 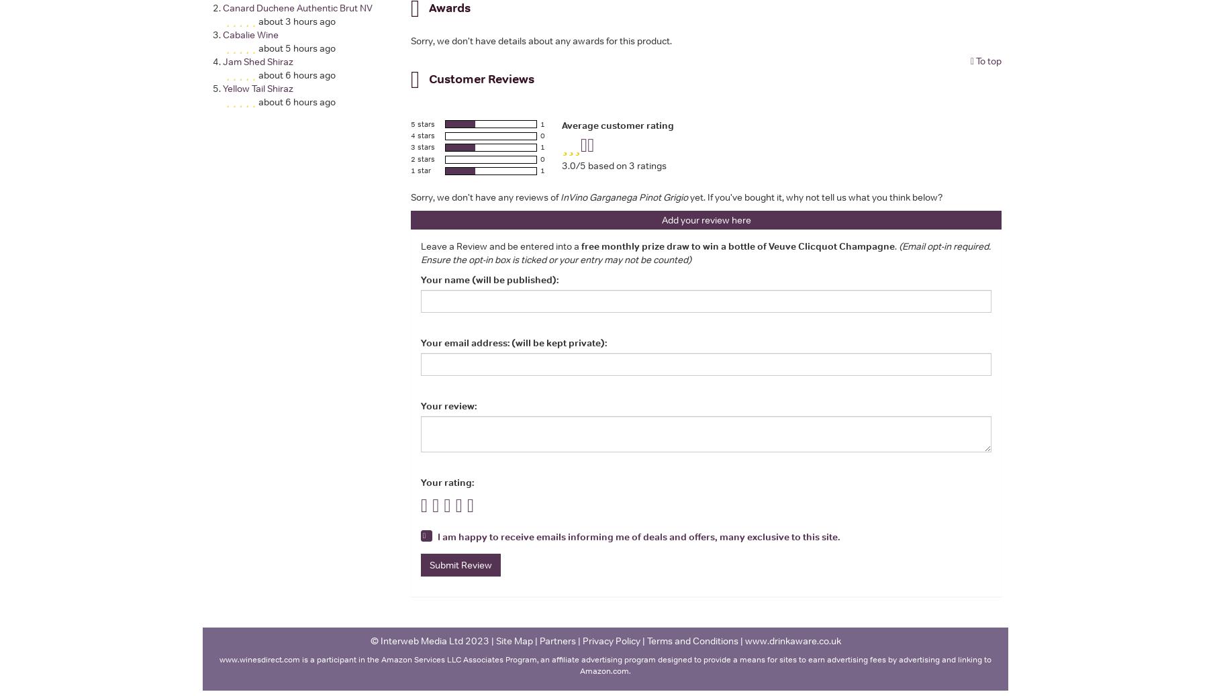 What do you see at coordinates (222, 6) in the screenshot?
I see `'Canard Duchene Authentic Brut NV'` at bounding box center [222, 6].